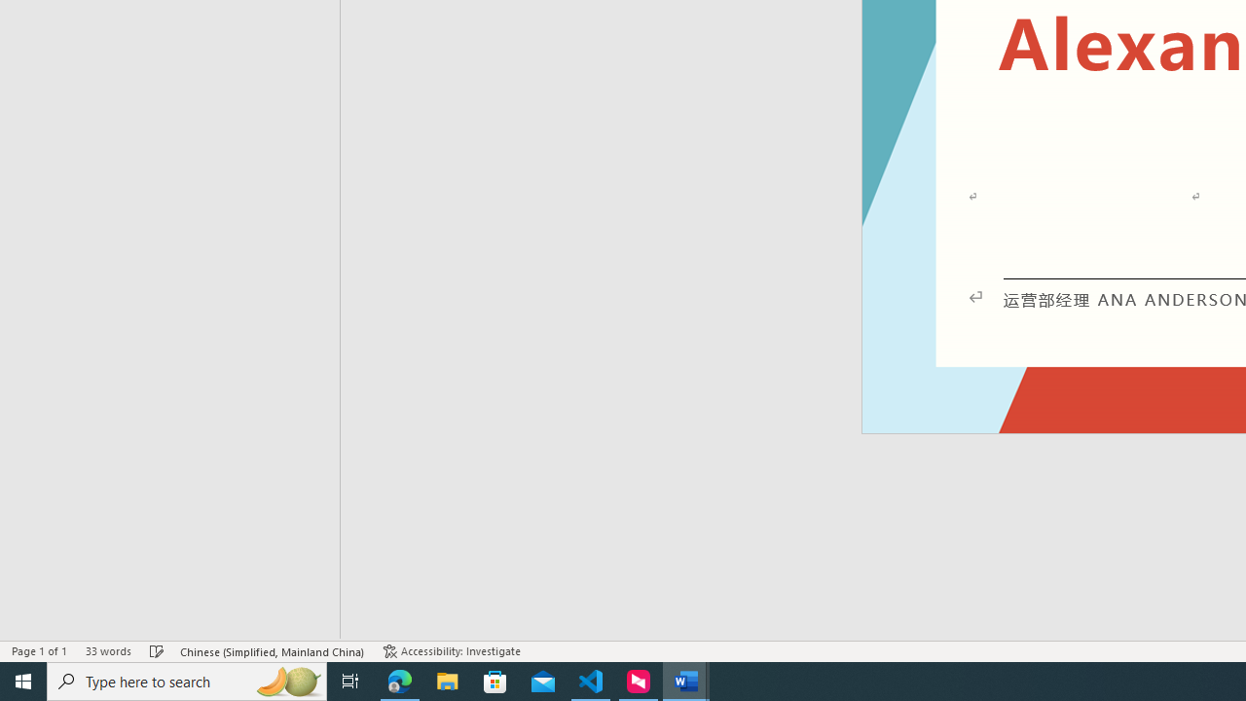  Describe the element at coordinates (39, 651) in the screenshot. I see `'Page Number Page 1 of 1'` at that location.